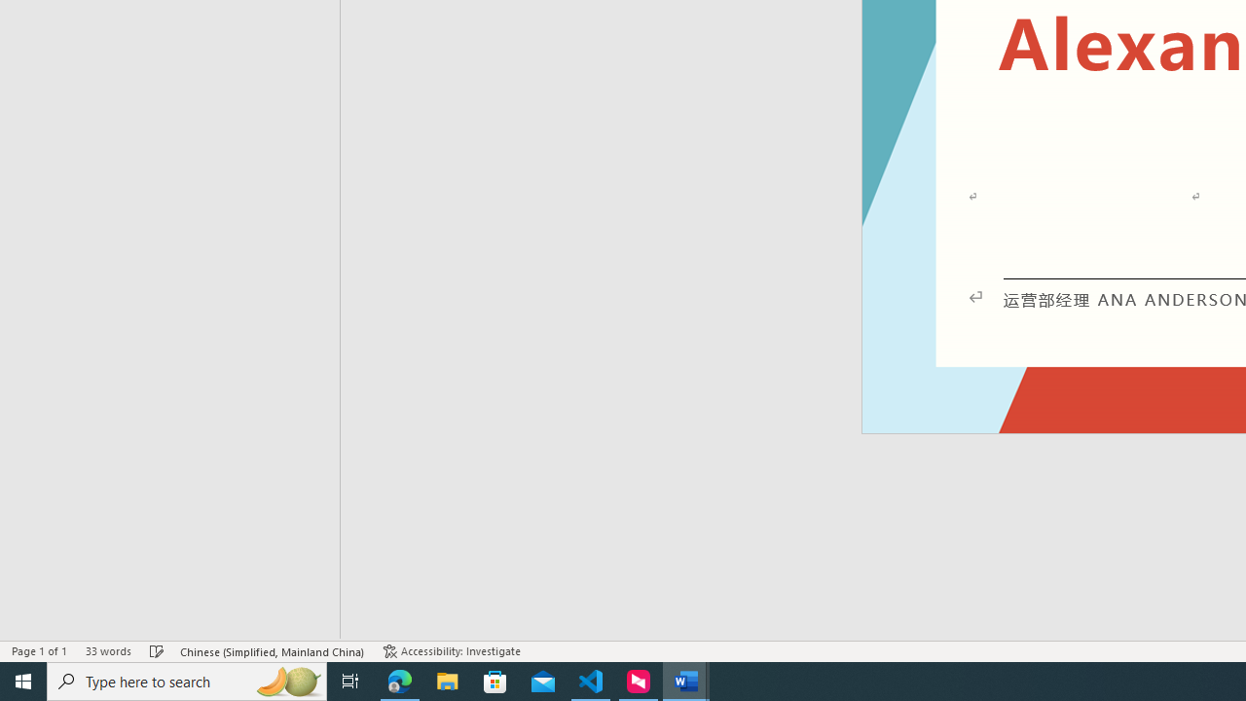  Describe the element at coordinates (39, 651) in the screenshot. I see `'Page Number Page 1 of 1'` at that location.